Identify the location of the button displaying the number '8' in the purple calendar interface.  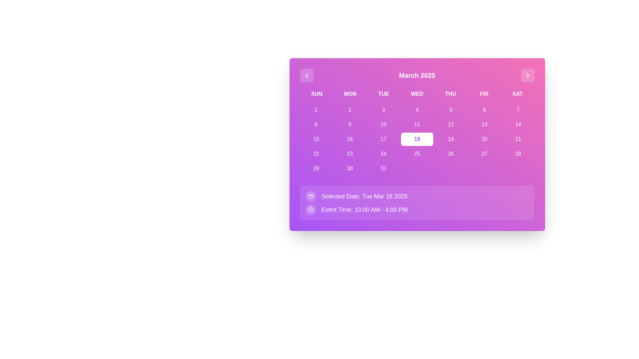
(316, 124).